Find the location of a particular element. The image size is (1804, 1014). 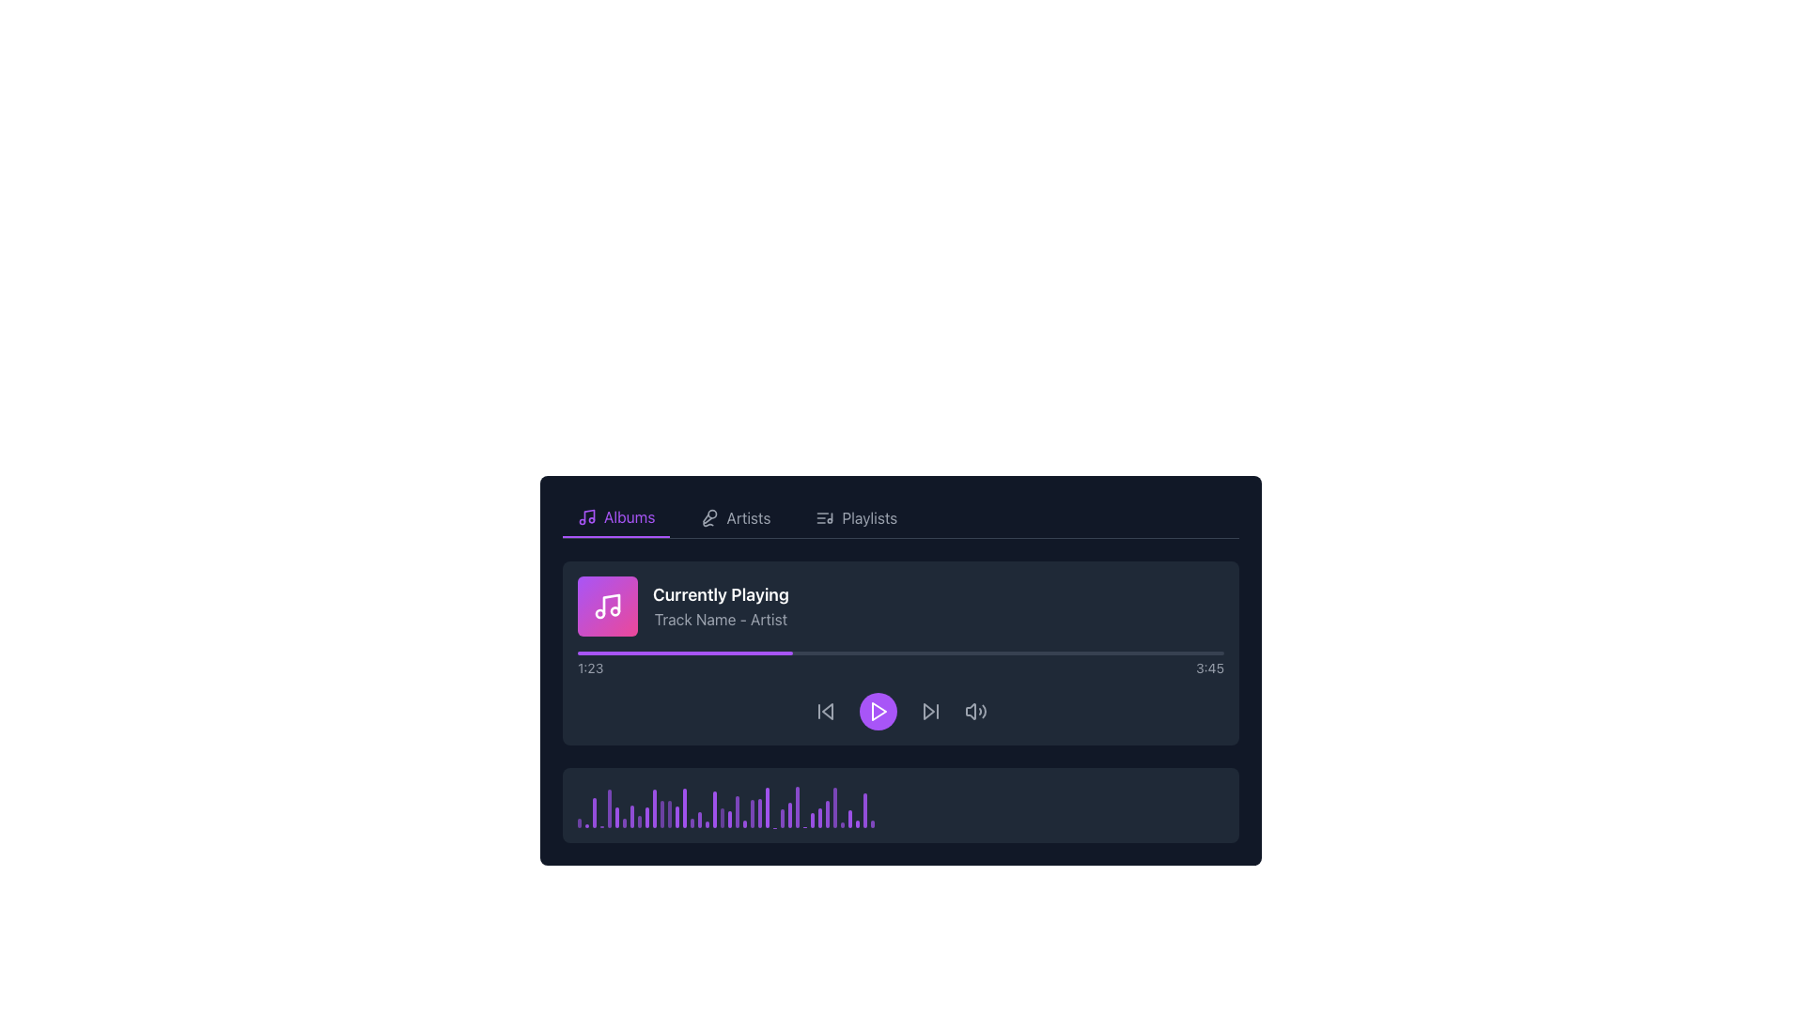

the visual bar representing audio amplitude, which is the twenty-fifth bar from the left in the waveform display located at the bottom of the interface is located at coordinates (767, 807).